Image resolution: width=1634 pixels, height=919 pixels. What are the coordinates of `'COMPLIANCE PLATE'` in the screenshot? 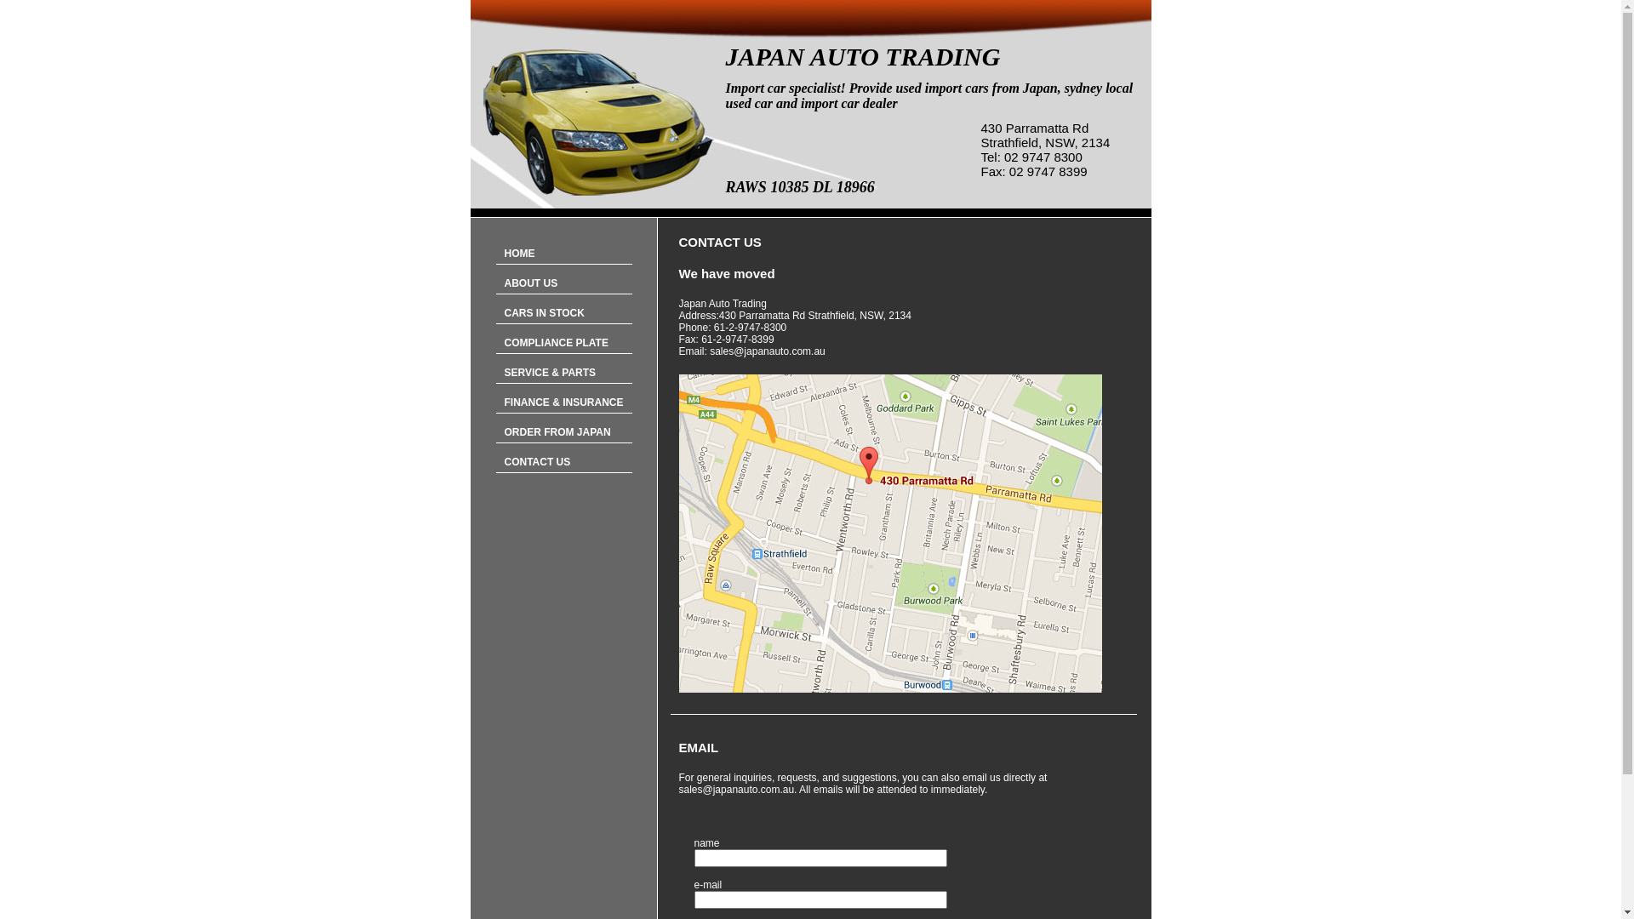 It's located at (563, 343).